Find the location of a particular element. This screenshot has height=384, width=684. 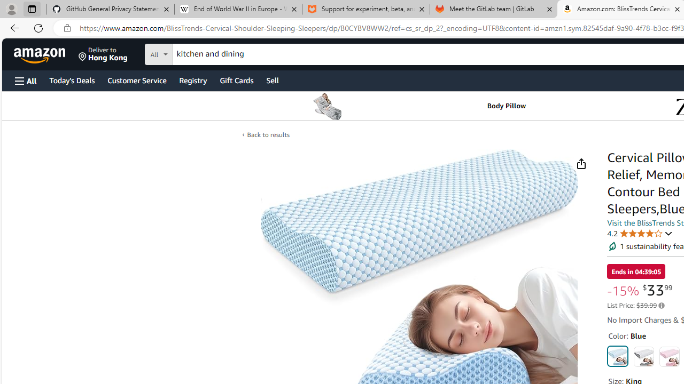

'Meet the GitLab team | GitLab' is located at coordinates (493, 9).